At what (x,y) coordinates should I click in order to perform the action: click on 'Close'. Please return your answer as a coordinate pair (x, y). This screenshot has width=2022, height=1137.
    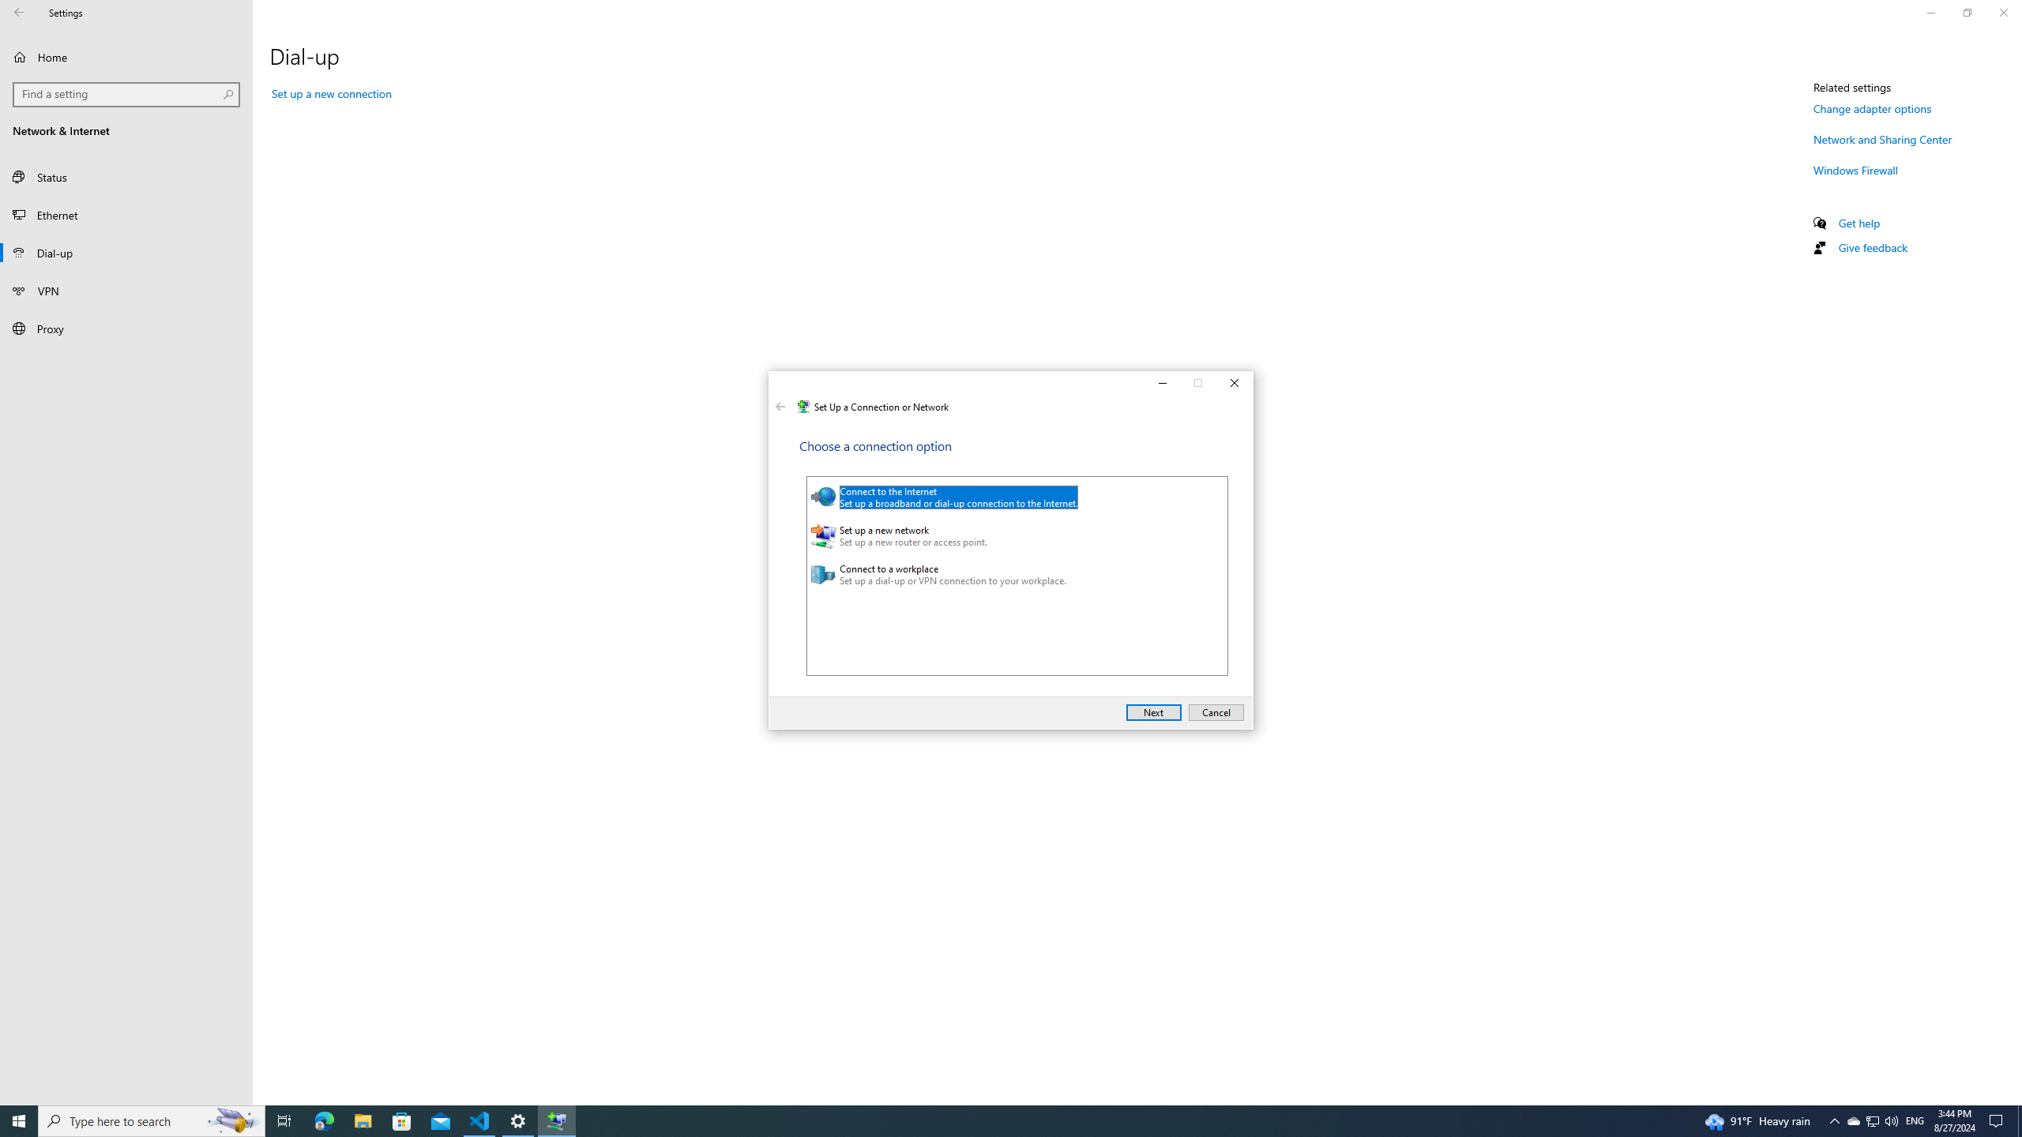
    Looking at the image, I should click on (1235, 384).